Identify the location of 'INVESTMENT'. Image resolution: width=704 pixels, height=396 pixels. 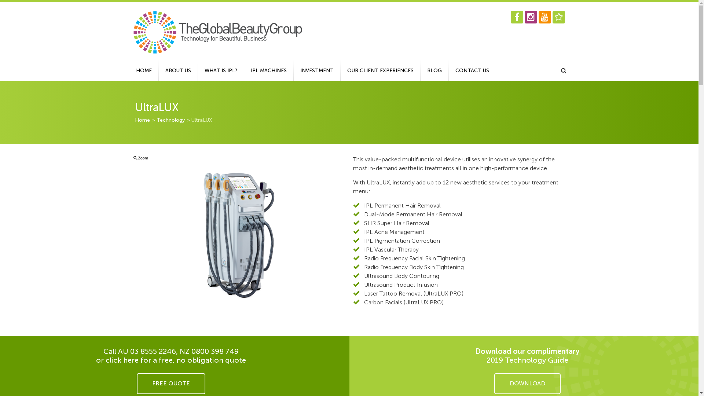
(316, 70).